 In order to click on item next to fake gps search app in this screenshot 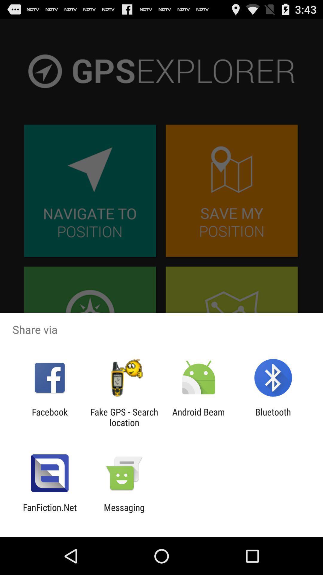, I will do `click(199, 417)`.